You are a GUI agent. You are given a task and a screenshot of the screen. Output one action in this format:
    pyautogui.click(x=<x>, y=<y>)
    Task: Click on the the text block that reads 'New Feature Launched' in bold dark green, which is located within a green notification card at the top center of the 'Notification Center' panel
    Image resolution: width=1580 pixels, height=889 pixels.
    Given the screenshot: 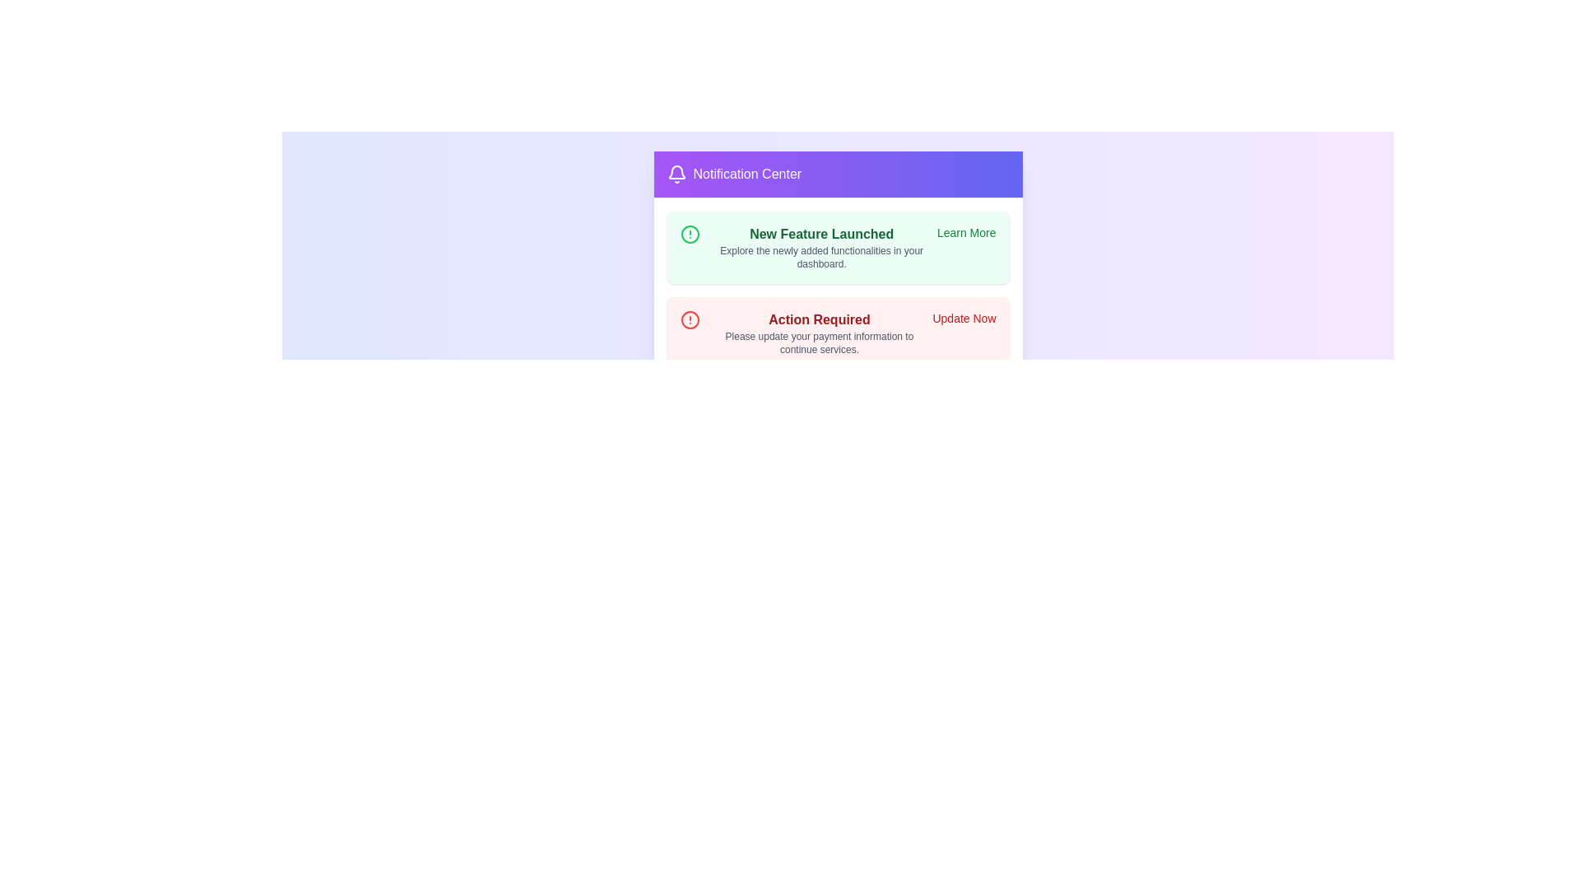 What is the action you would take?
    pyautogui.click(x=821, y=247)
    